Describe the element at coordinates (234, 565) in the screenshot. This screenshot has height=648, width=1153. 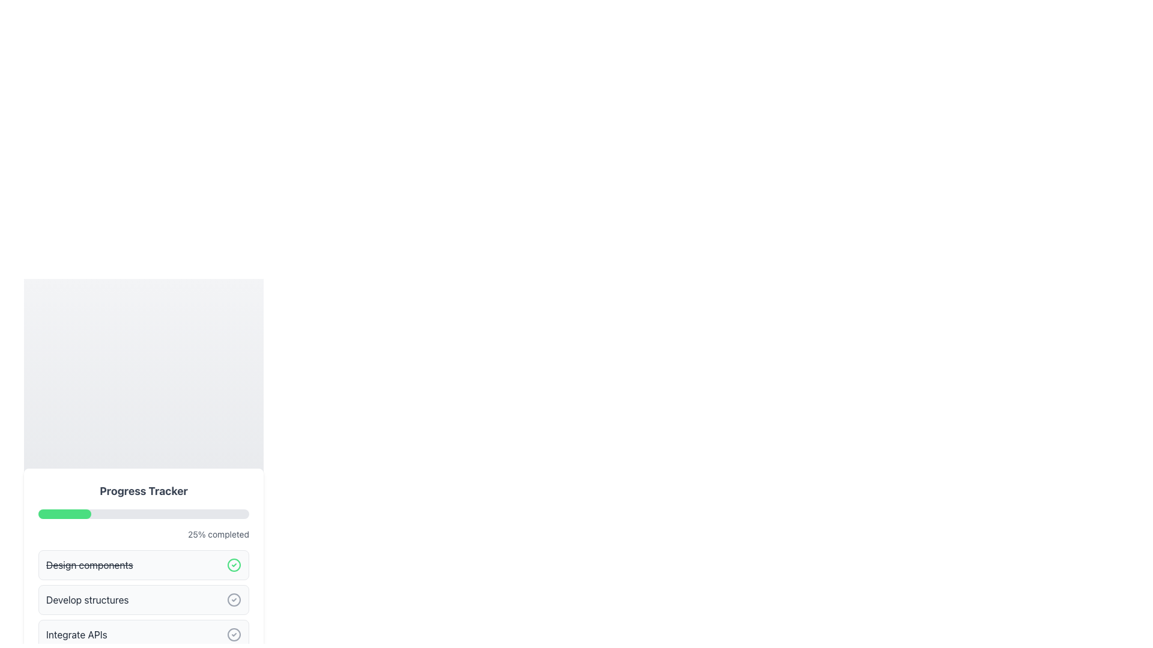
I see `the SVG circle element that indicates task status, positioned to the right of the strikethrough text 'Design components' in the progress tracker interface` at that location.